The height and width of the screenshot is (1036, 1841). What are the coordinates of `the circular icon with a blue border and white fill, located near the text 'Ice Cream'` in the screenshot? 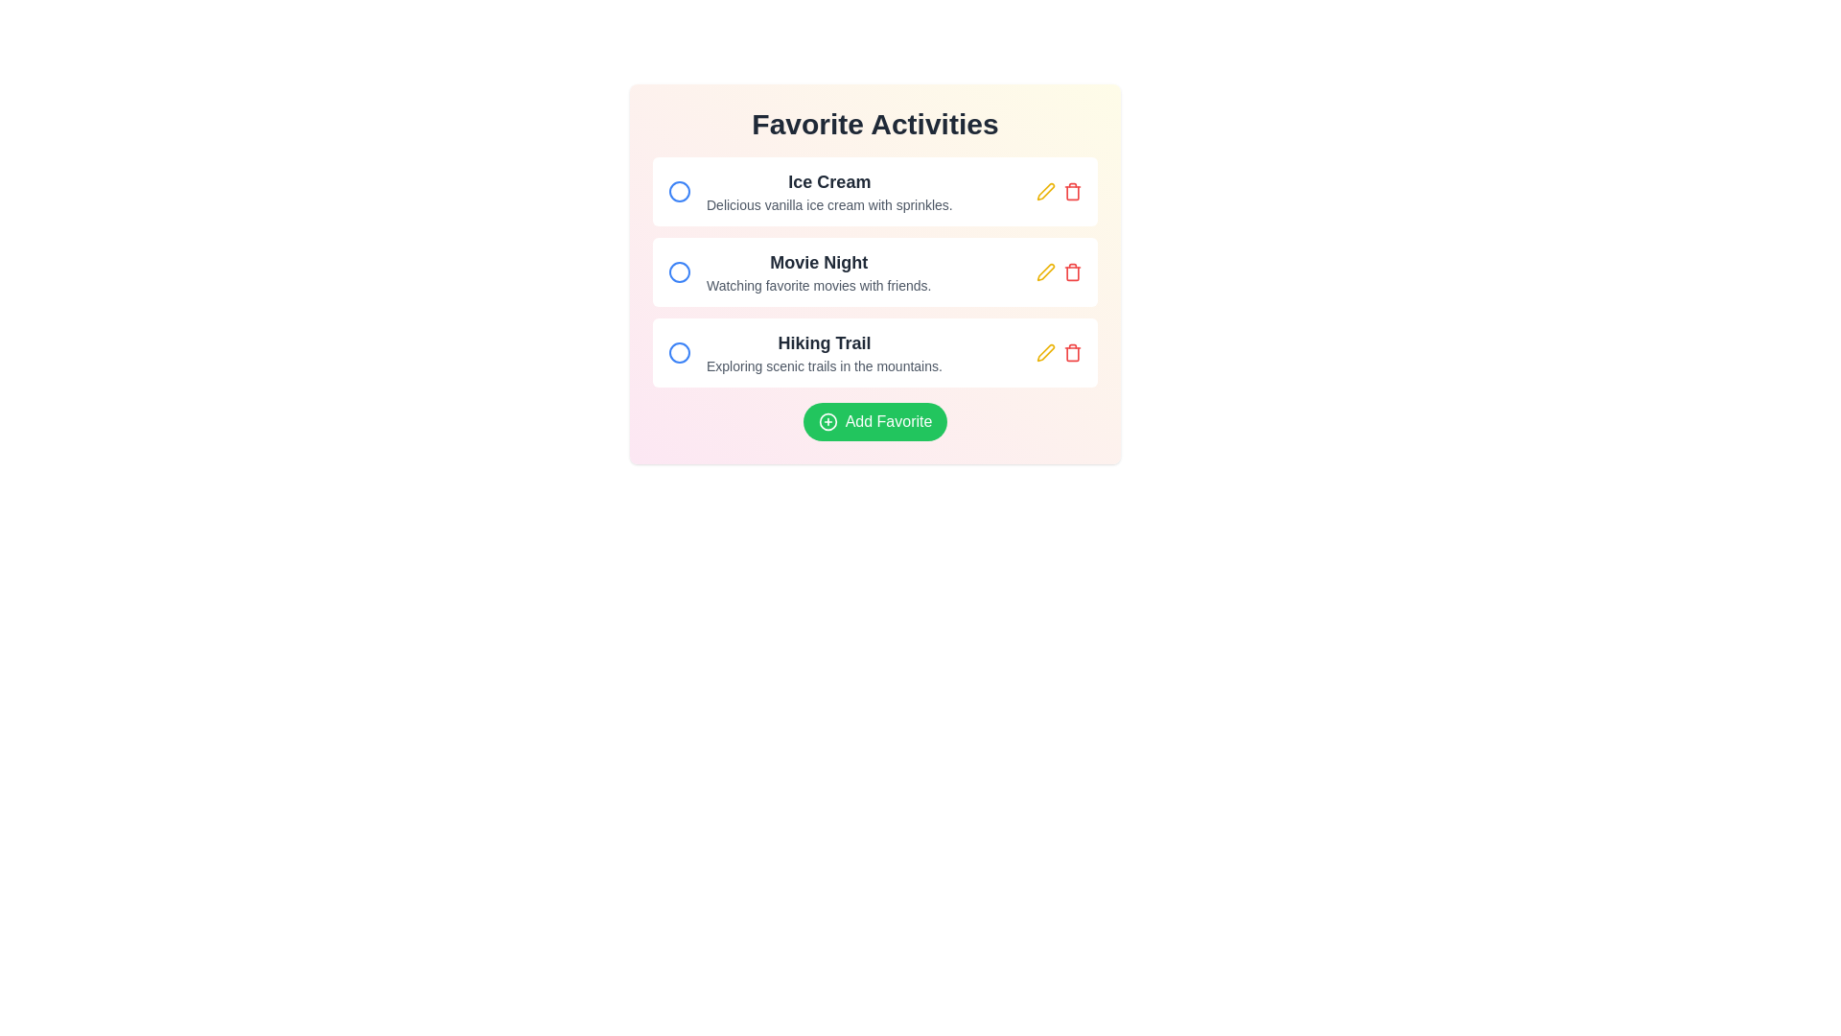 It's located at (680, 192).